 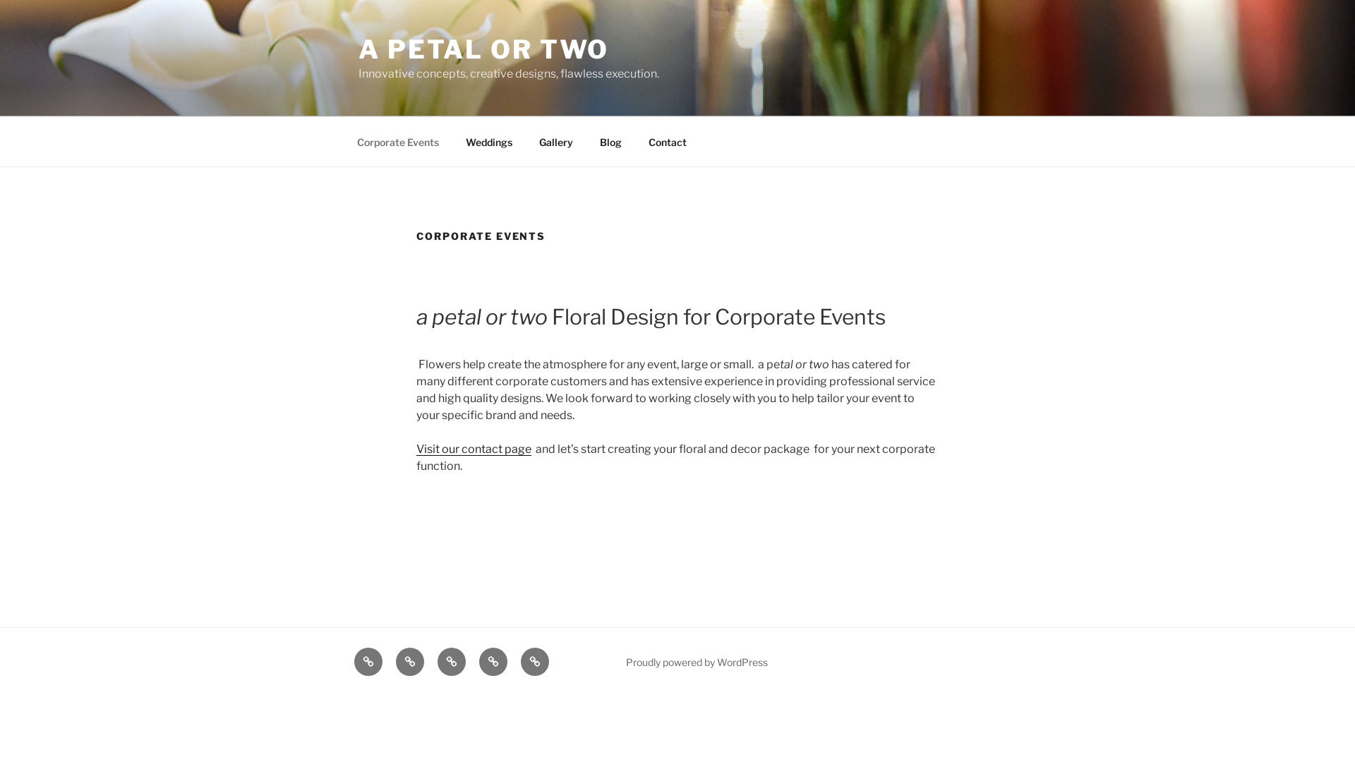 I want to click on 'Gallery', so click(x=555, y=141).